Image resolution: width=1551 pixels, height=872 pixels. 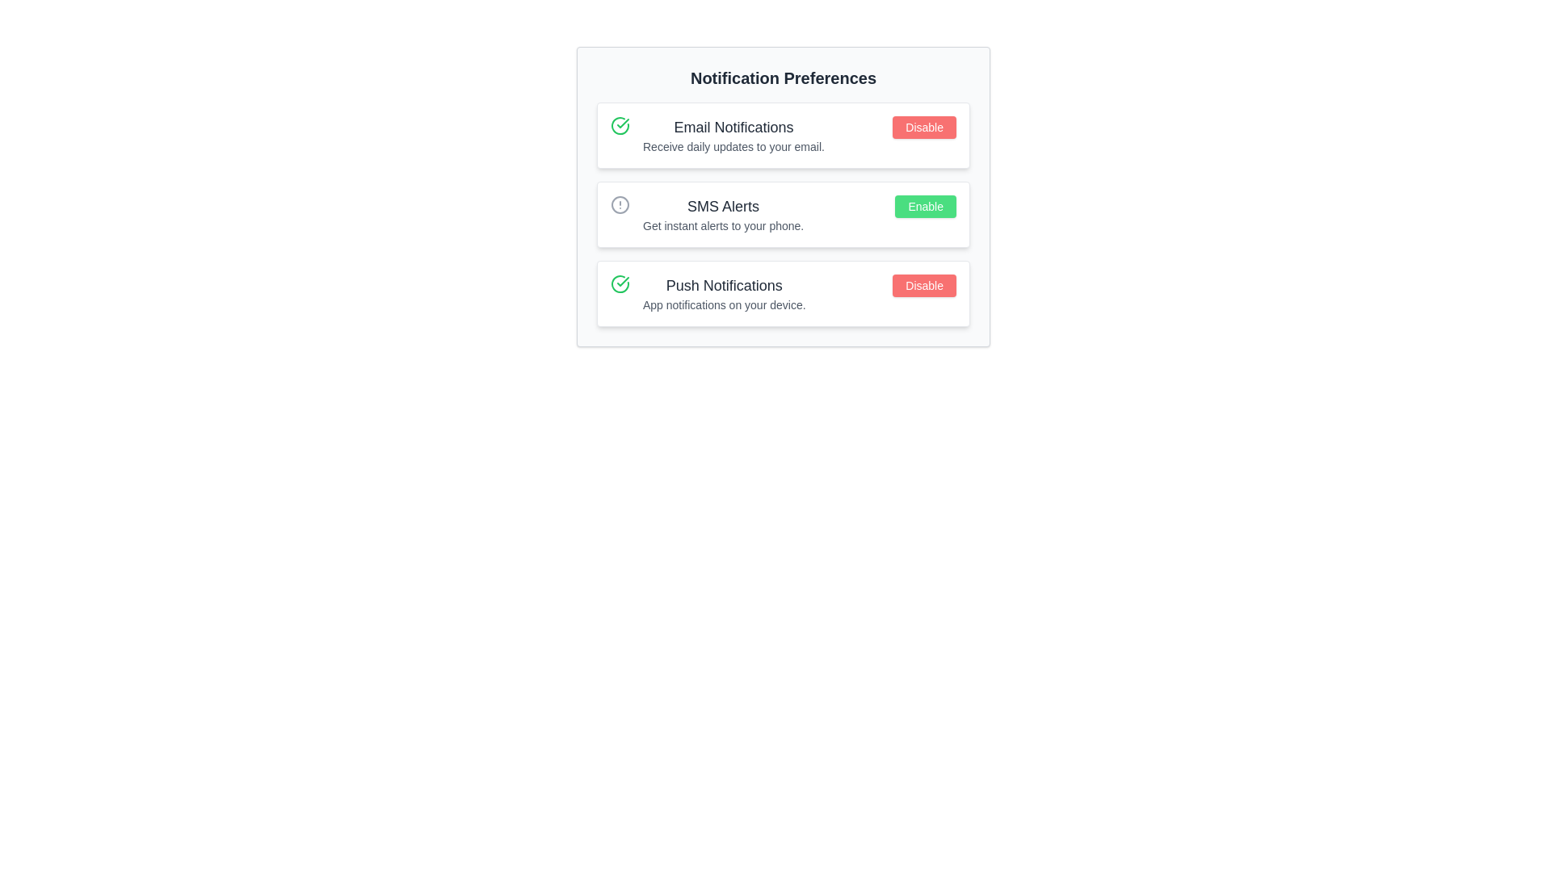 I want to click on the text element displaying 'Receive daily updates to your email.' which is located below the 'Email Notifications' heading in the notification preference panel, so click(x=733, y=146).